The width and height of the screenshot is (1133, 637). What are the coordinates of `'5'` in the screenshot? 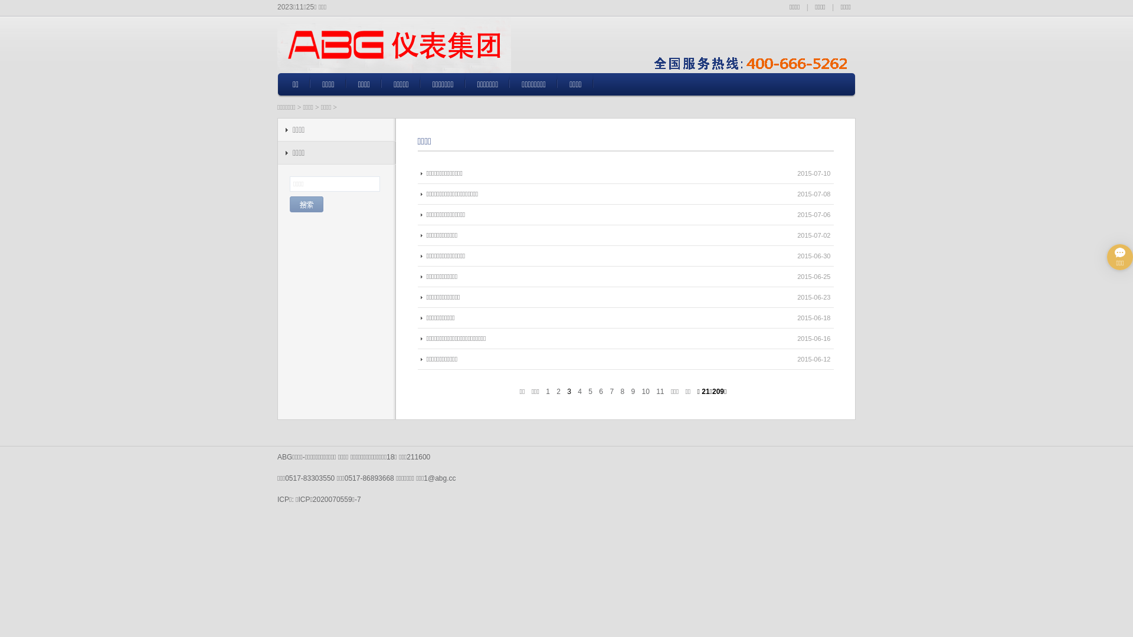 It's located at (590, 391).